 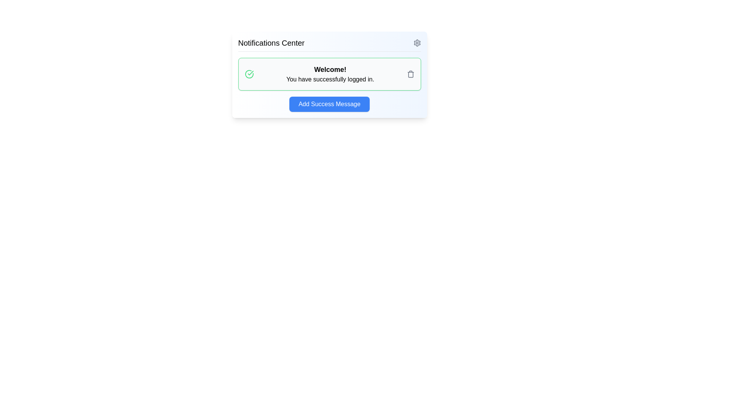 What do you see at coordinates (249, 74) in the screenshot?
I see `the success icon located in the center of the notification box header` at bounding box center [249, 74].